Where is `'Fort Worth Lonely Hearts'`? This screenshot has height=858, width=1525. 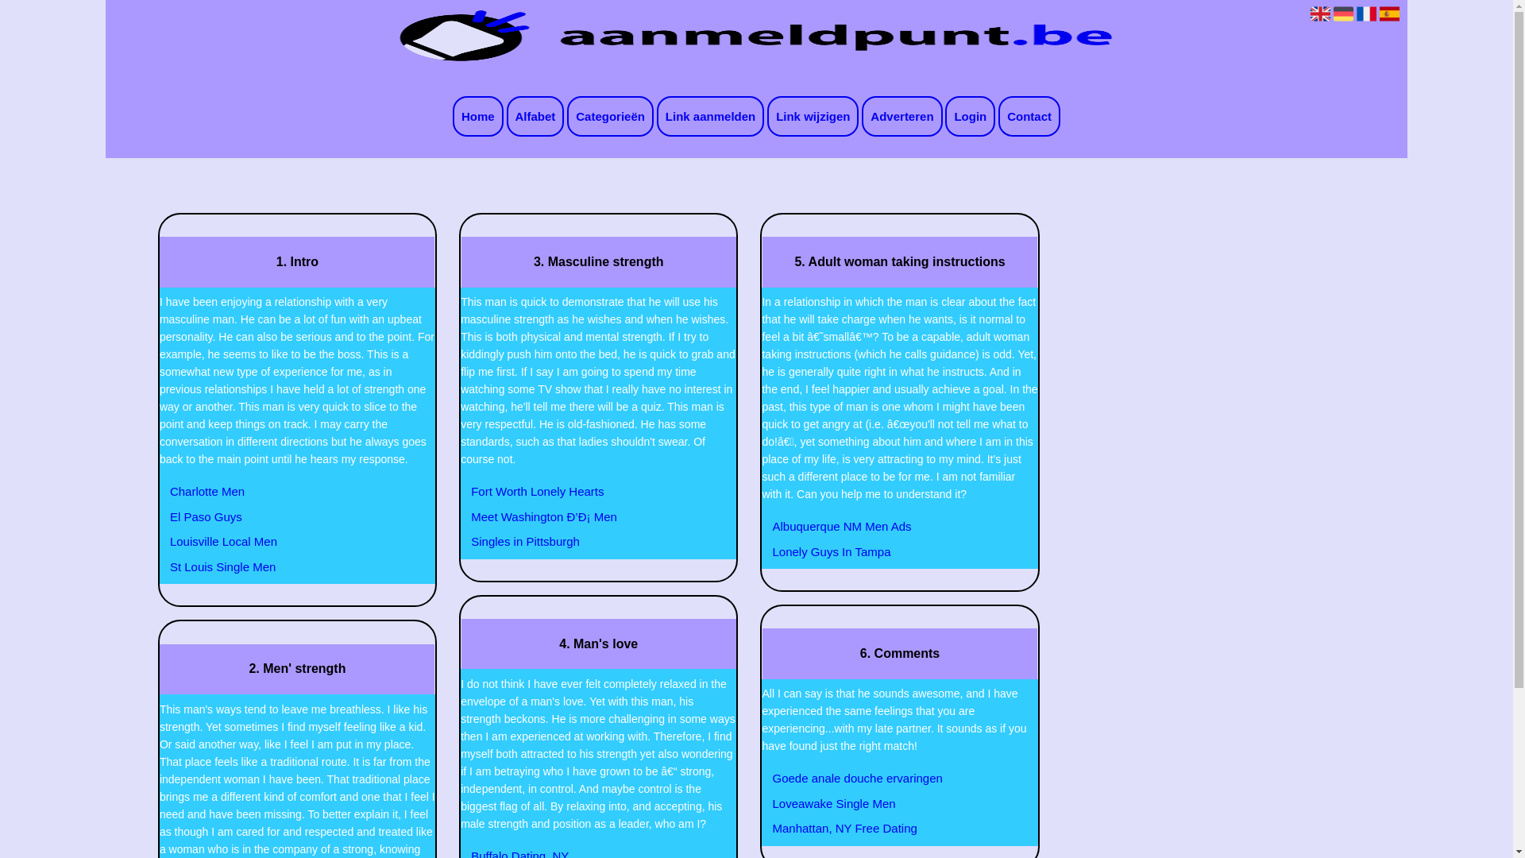
'Fort Worth Lonely Hearts' is located at coordinates (589, 490).